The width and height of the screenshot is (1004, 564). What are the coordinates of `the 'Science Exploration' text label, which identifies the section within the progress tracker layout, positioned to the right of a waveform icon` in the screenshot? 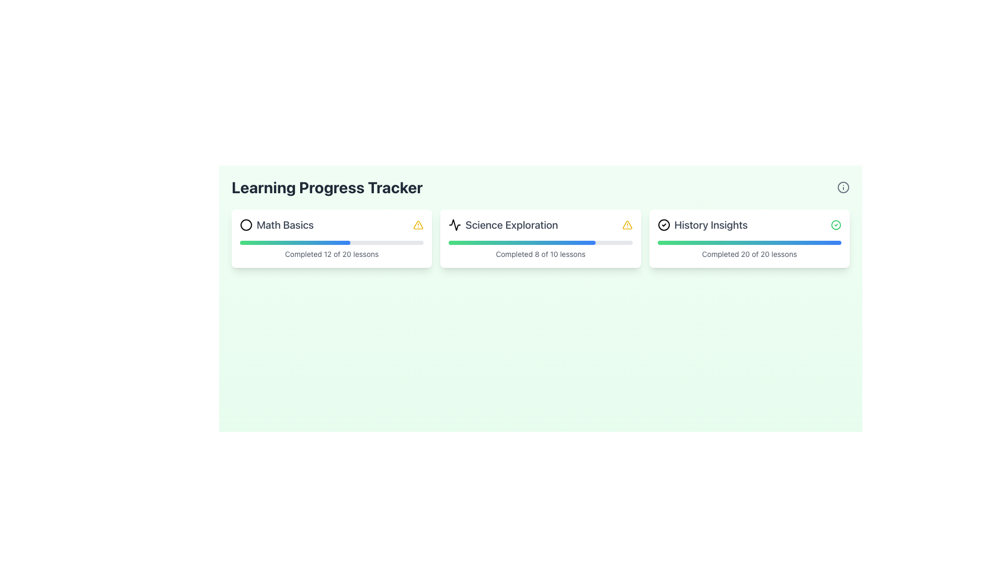 It's located at (511, 225).